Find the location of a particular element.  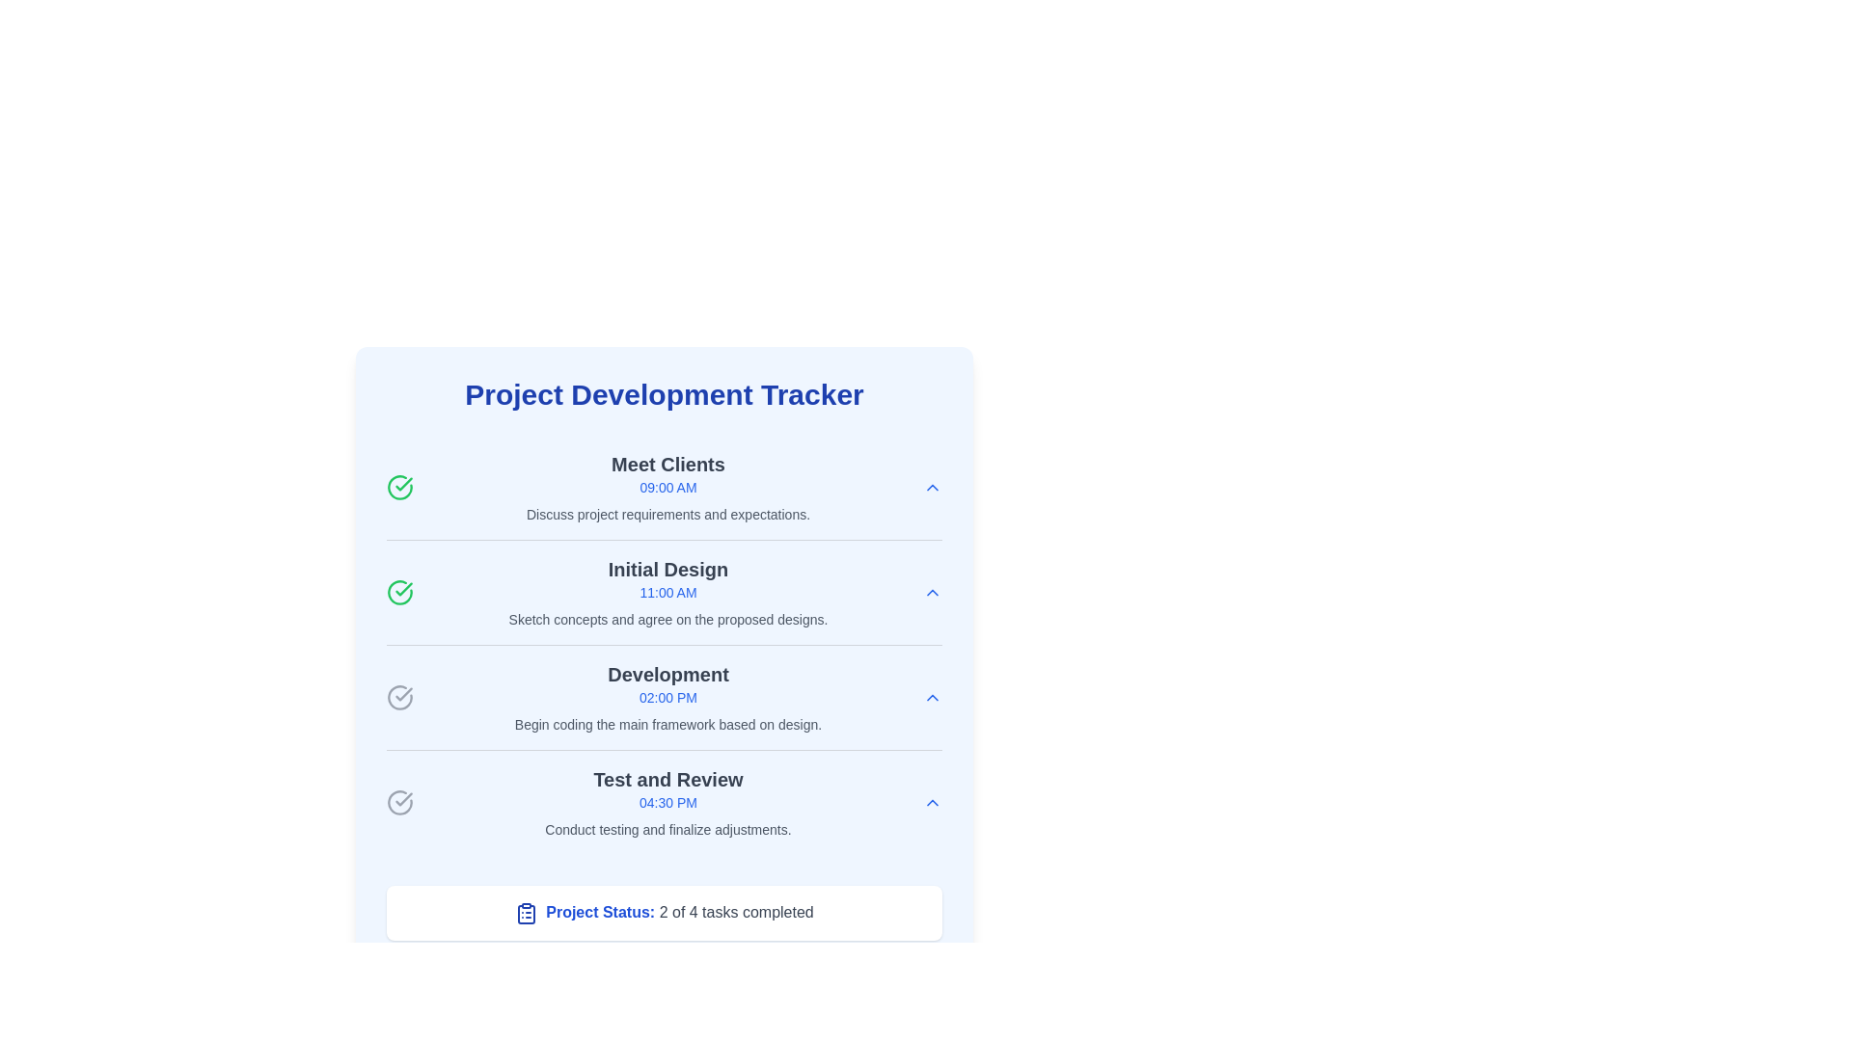

the third entry labeled 'Development' in the 'Project Development Tracker' section of the interface is located at coordinates (665, 645).